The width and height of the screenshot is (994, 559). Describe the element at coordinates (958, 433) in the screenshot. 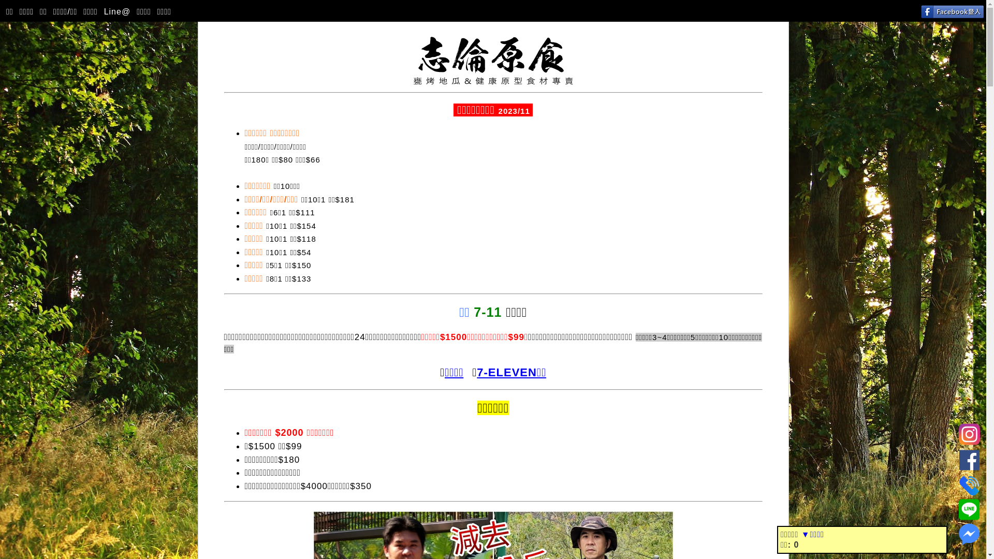

I see `'instagram'` at that location.